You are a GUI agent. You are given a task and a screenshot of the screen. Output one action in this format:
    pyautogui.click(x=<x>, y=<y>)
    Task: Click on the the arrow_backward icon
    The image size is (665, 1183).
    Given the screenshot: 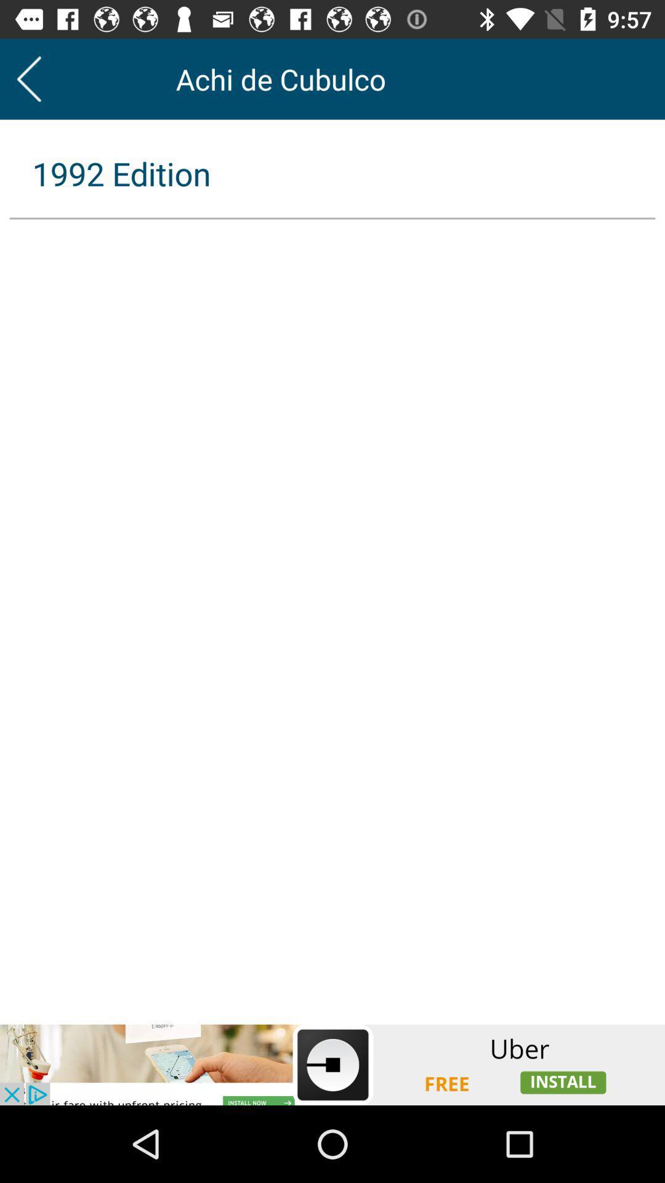 What is the action you would take?
    pyautogui.click(x=28, y=78)
    